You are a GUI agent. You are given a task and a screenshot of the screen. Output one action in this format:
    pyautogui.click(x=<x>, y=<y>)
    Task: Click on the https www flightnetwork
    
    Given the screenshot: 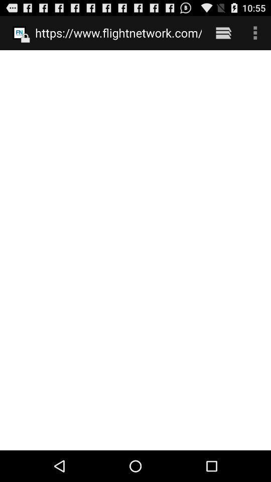 What is the action you would take?
    pyautogui.click(x=118, y=33)
    